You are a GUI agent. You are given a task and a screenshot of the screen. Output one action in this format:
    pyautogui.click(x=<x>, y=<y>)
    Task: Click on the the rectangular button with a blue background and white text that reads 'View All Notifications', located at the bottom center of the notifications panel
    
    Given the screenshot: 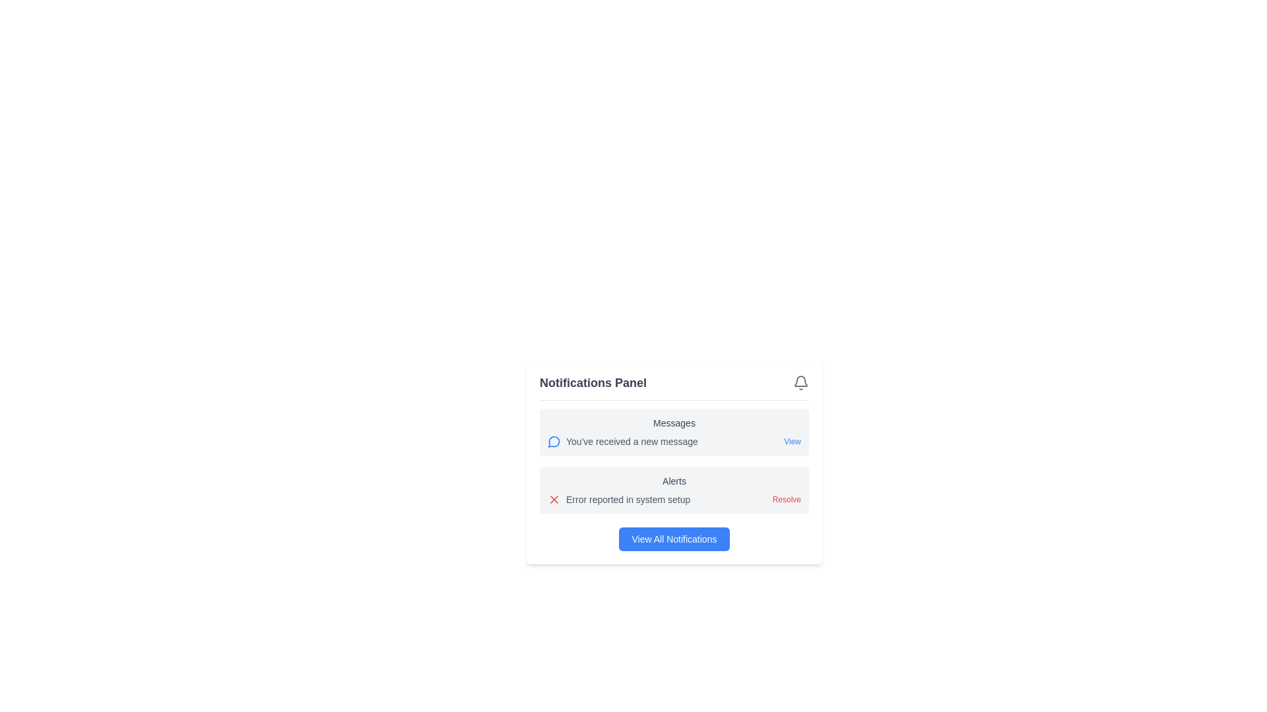 What is the action you would take?
    pyautogui.click(x=674, y=539)
    